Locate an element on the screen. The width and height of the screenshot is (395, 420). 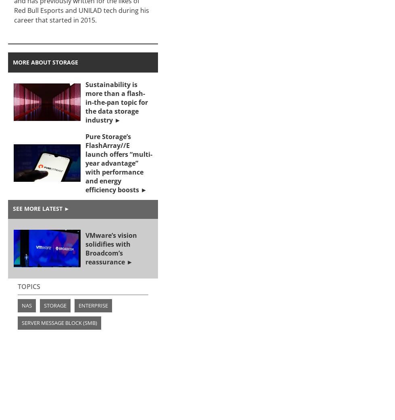
'Storage' is located at coordinates (55, 305).